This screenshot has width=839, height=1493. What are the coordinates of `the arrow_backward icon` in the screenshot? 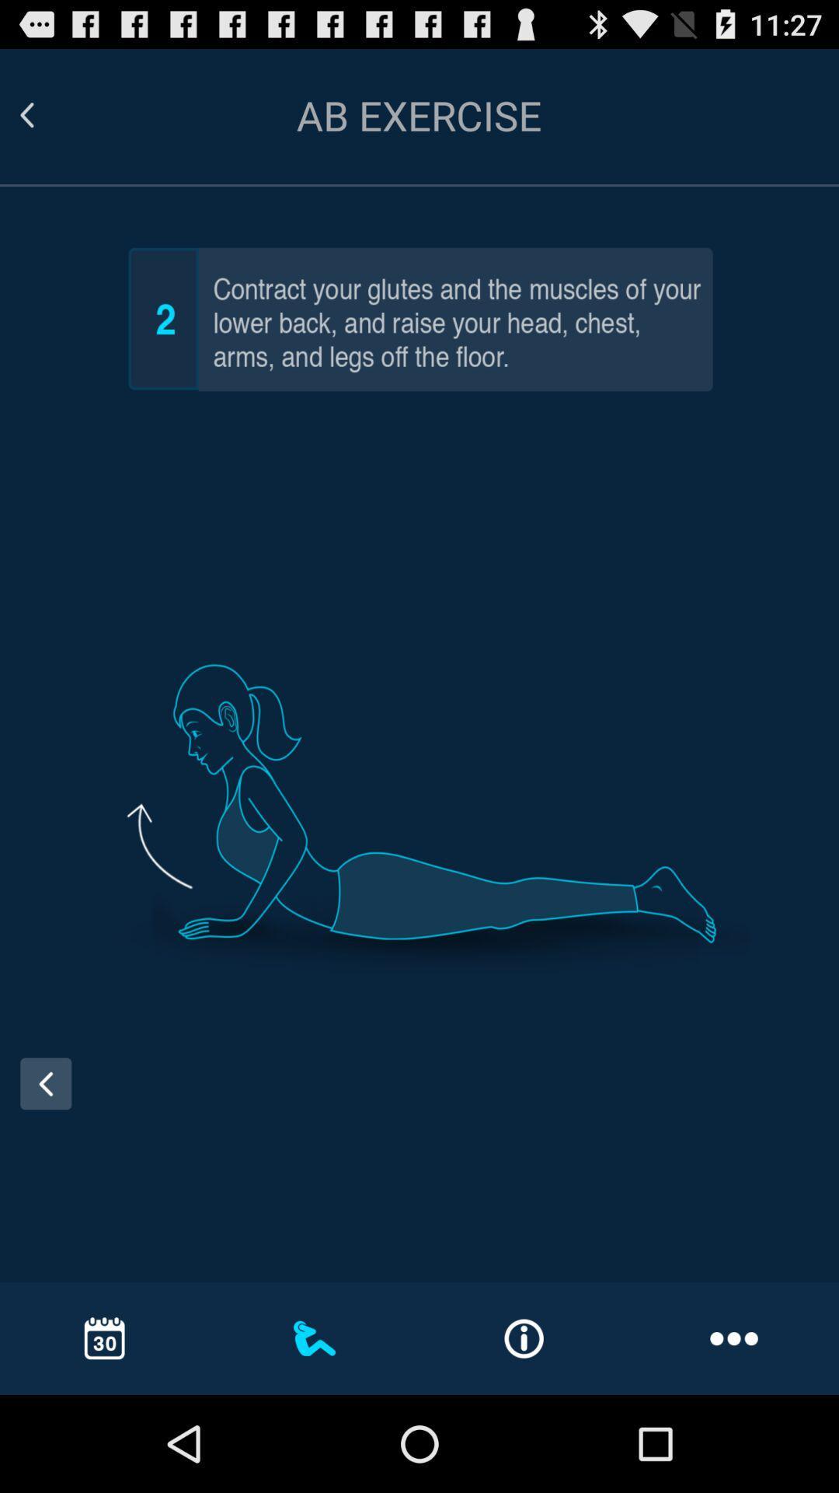 It's located at (45, 1159).